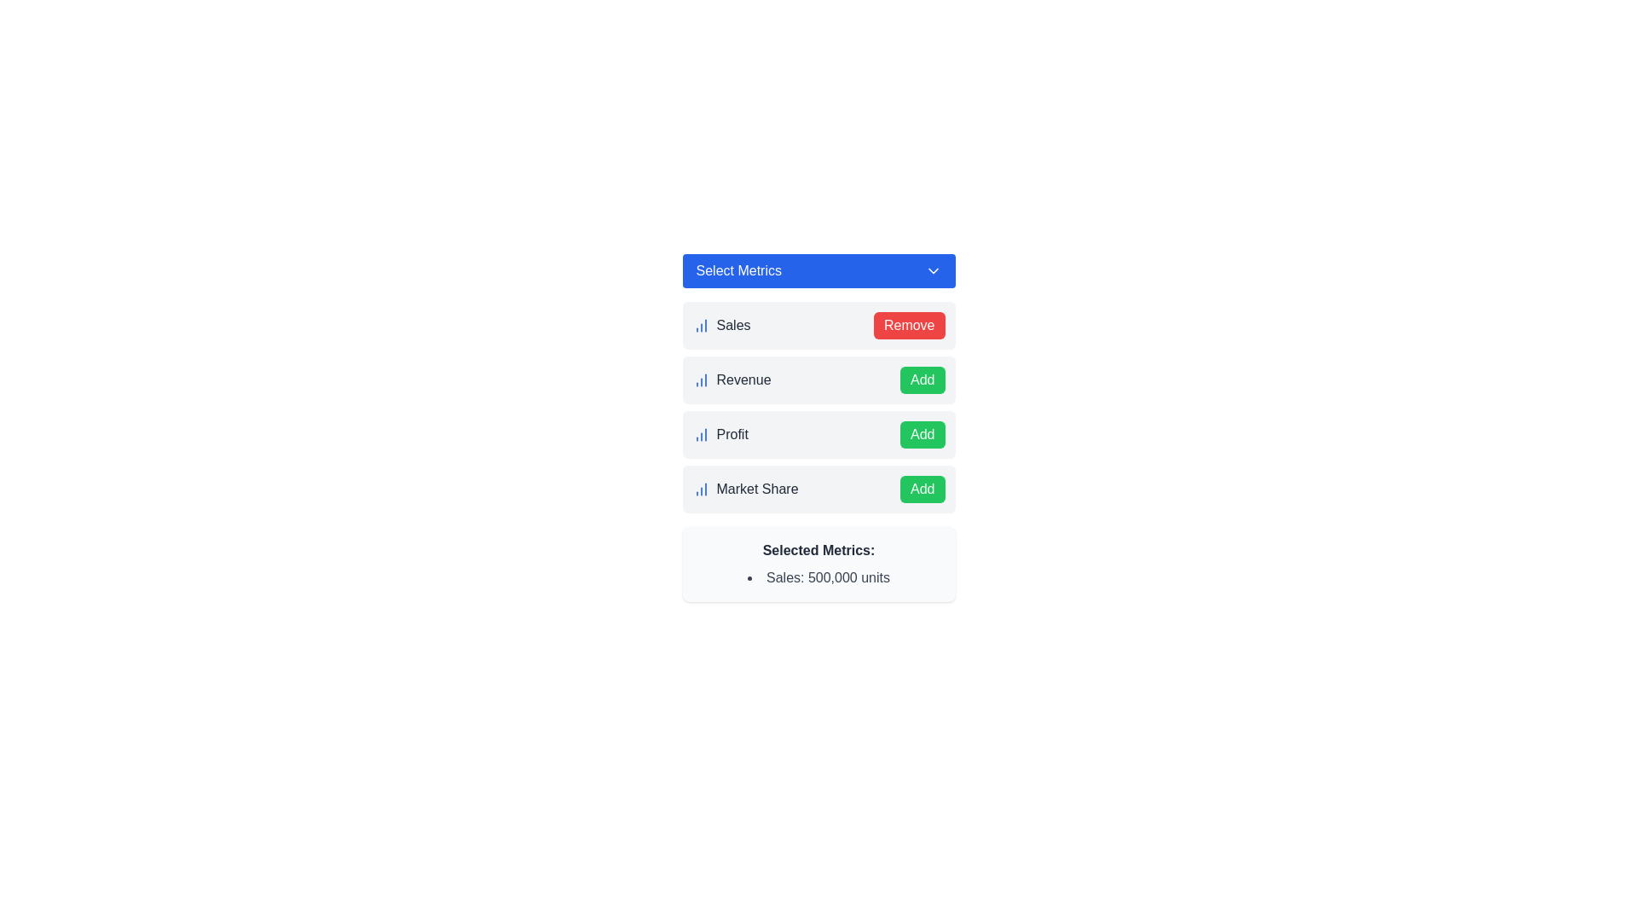 This screenshot has height=921, width=1637. What do you see at coordinates (922, 489) in the screenshot?
I see `the 'Add' button located at the bottom-right of the 'Market Share' section` at bounding box center [922, 489].